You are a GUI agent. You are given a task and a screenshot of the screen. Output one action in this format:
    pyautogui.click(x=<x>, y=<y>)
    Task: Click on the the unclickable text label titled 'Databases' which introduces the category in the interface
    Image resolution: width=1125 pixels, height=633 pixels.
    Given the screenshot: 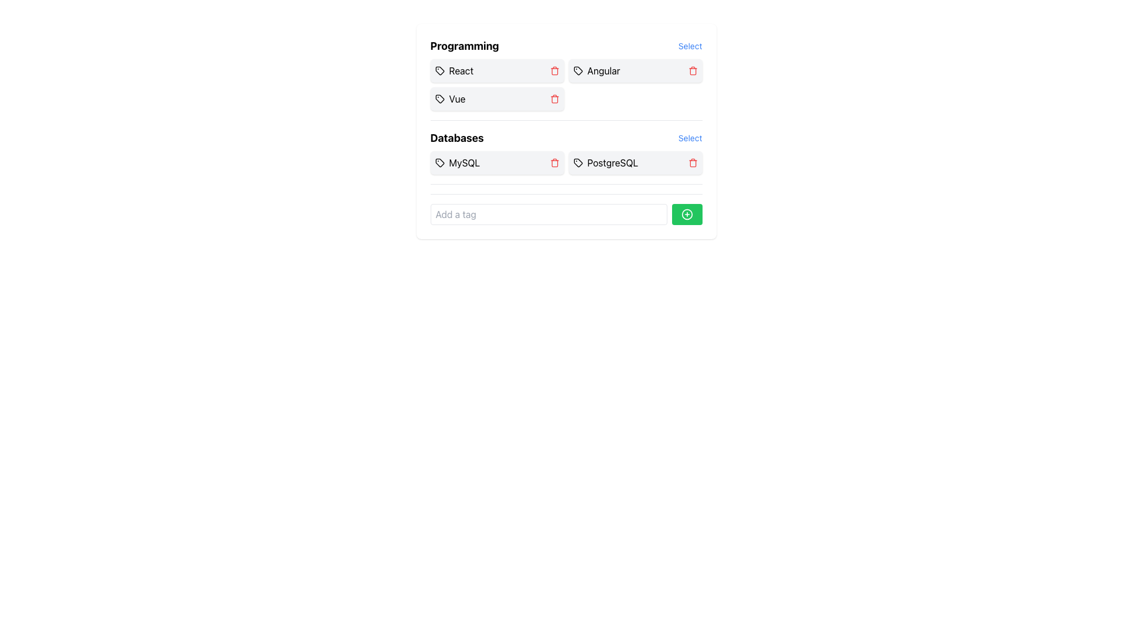 What is the action you would take?
    pyautogui.click(x=456, y=137)
    